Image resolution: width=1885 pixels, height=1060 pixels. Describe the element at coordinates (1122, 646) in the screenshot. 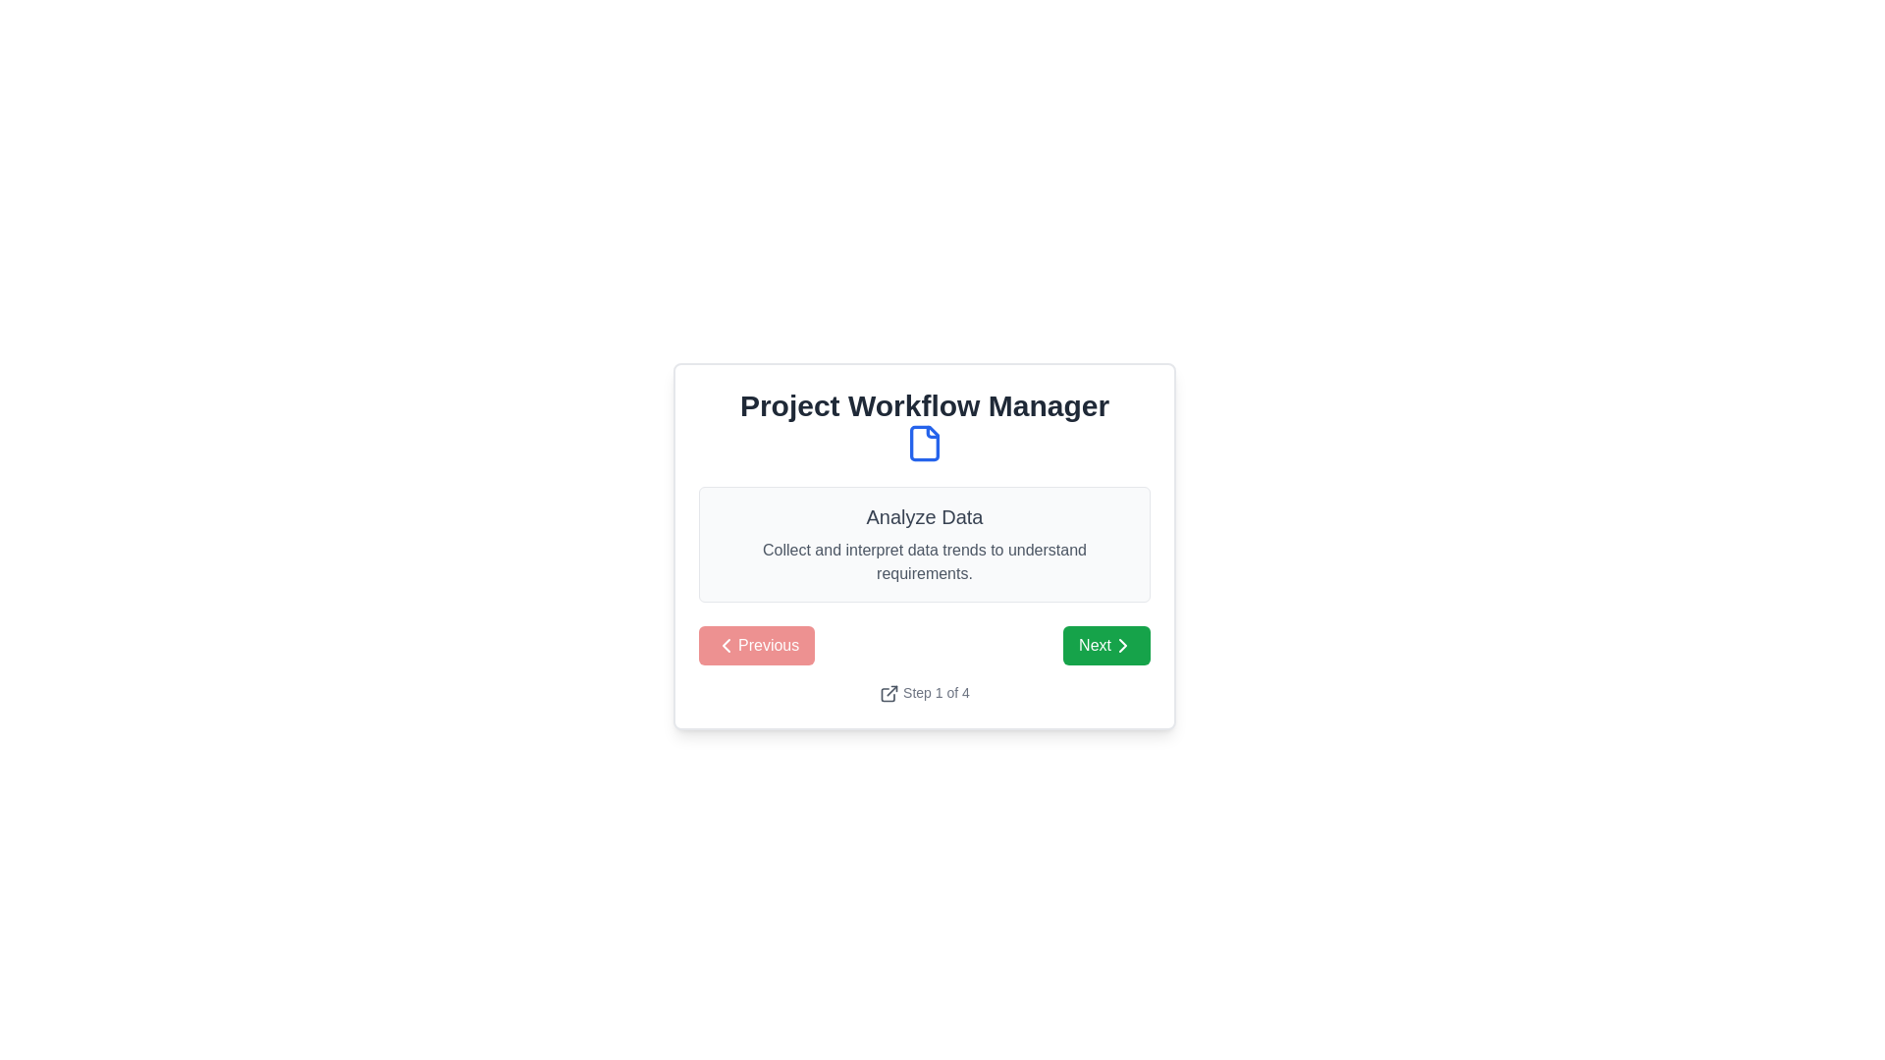

I see `the right arrow icon, which is a minimalistic chevron arrow pointing to the right, located within the green 'Next' button at the bottom-right section of the card component` at that location.